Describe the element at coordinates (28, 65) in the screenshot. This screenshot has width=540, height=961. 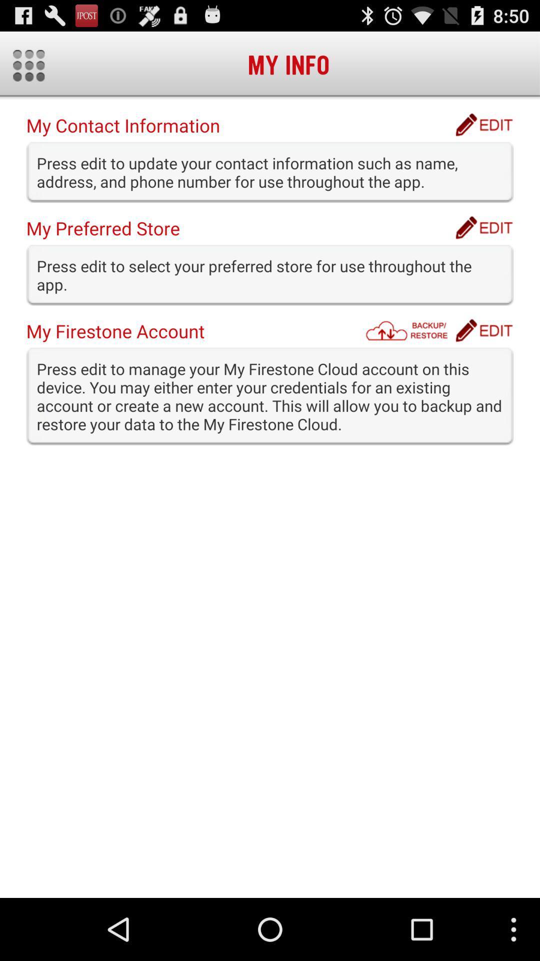
I see `show main menu` at that location.